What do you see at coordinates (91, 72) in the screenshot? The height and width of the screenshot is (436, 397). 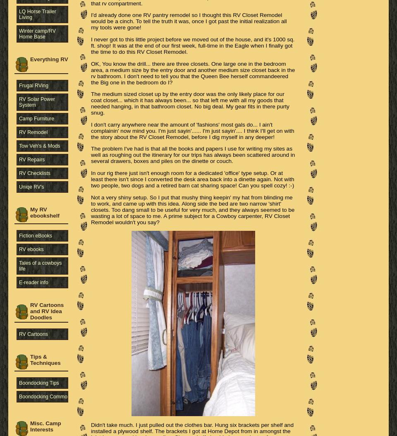 I see `'OK, You know the
drill... there are three closets. One large one in the bedroom area, a
medium size by the entry door and another medium size closet back in the
rv bathroom. I don't need to tell you that the Queen Bee herself
commandeered the Big one in the bedroom do I?'` at bounding box center [91, 72].